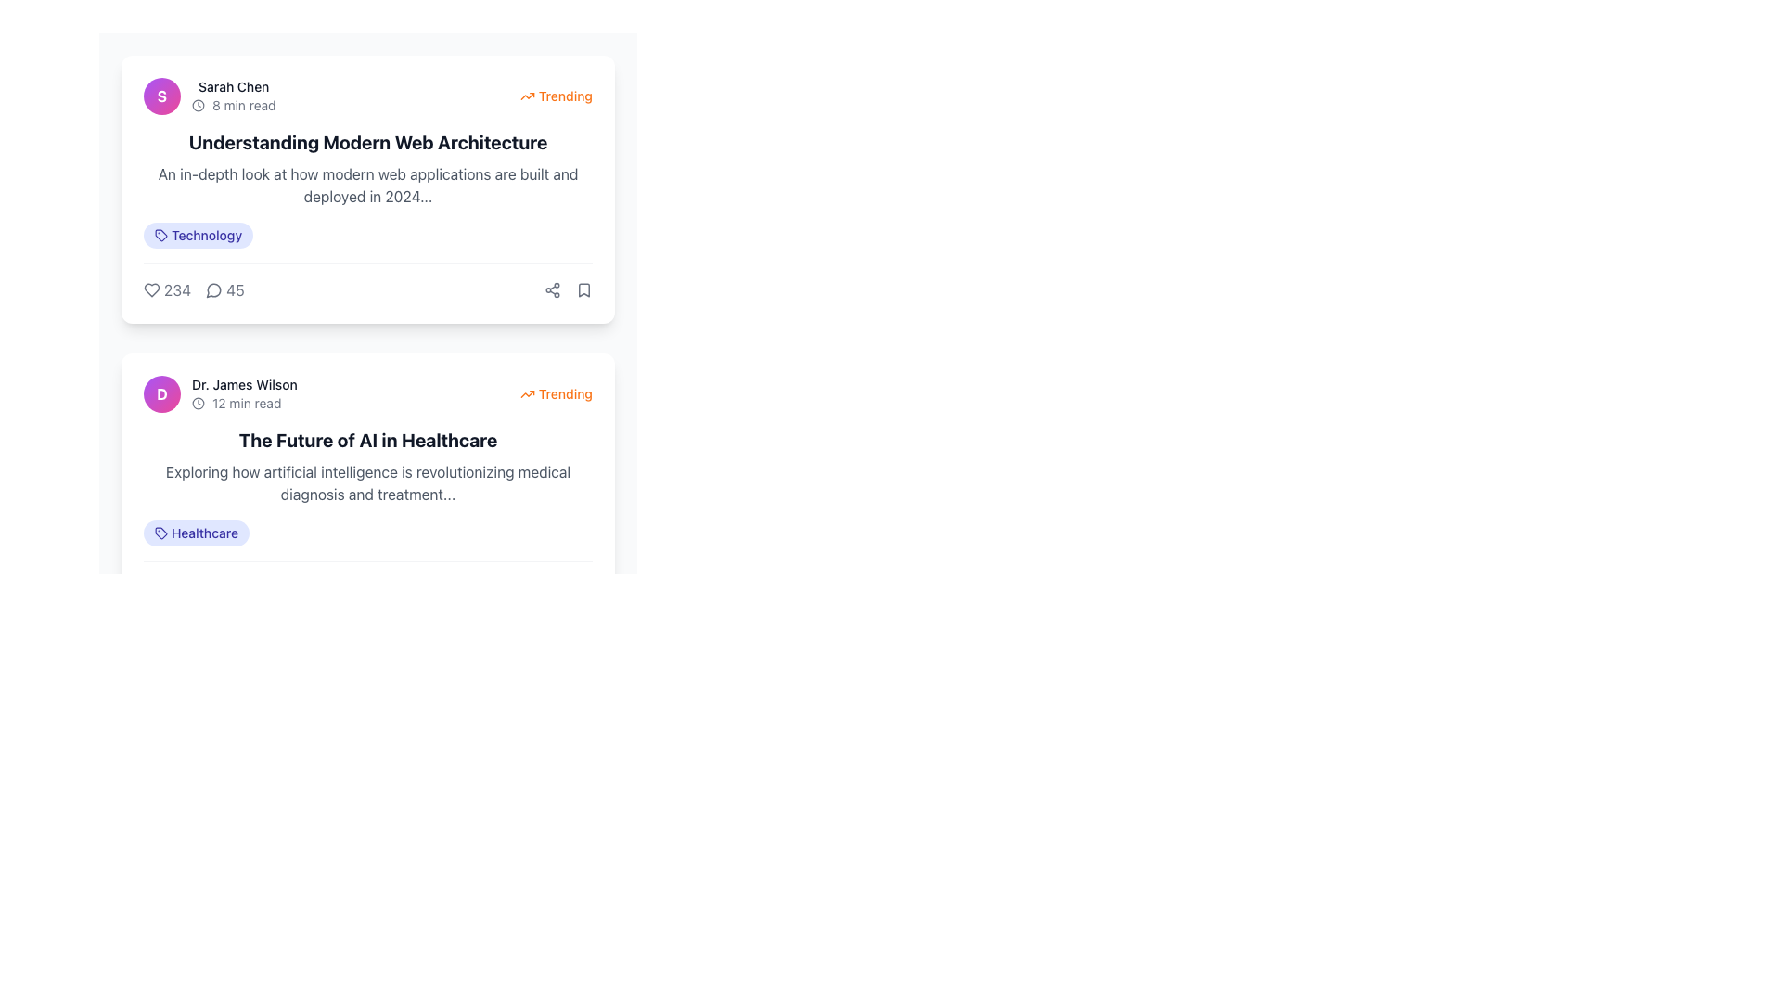 This screenshot has height=1002, width=1781. I want to click on displayed author information segment containing the avatar and the text 'Dr. James Wilson' and '12 min read' located in the second card component below 'Understanding Modern Web Architecture', so click(220, 392).